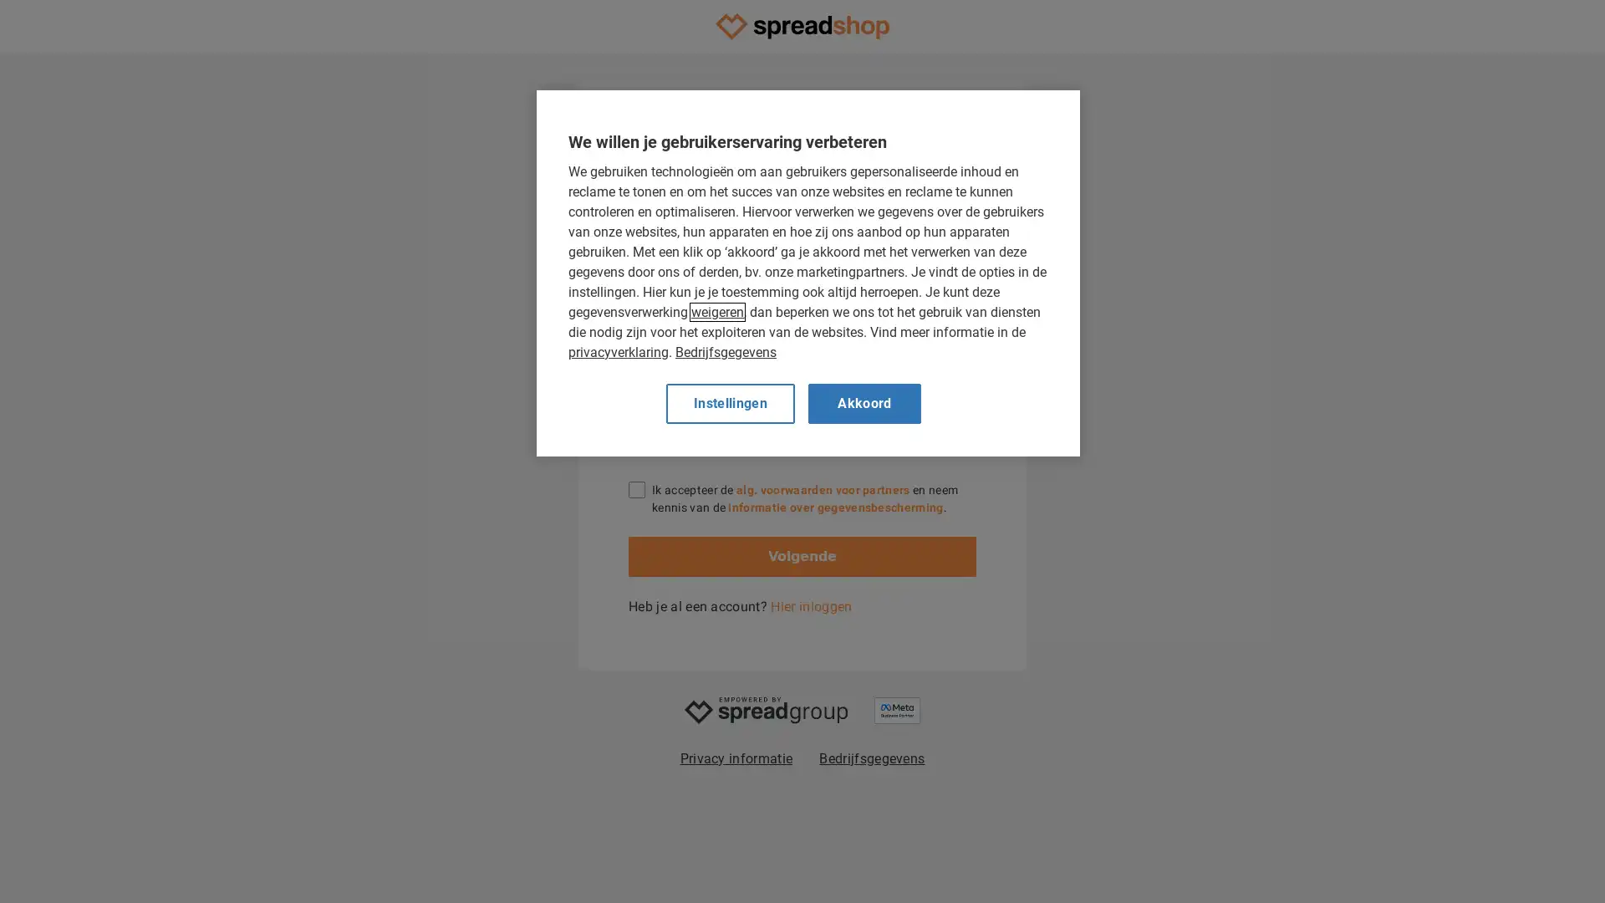 This screenshot has width=1605, height=903. I want to click on Akkoord, so click(864, 403).